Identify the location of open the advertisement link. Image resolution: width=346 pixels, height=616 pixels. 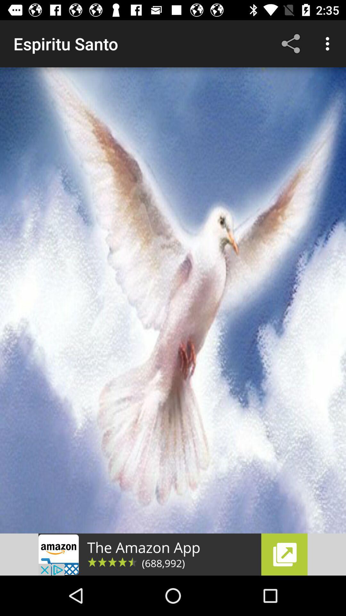
(173, 554).